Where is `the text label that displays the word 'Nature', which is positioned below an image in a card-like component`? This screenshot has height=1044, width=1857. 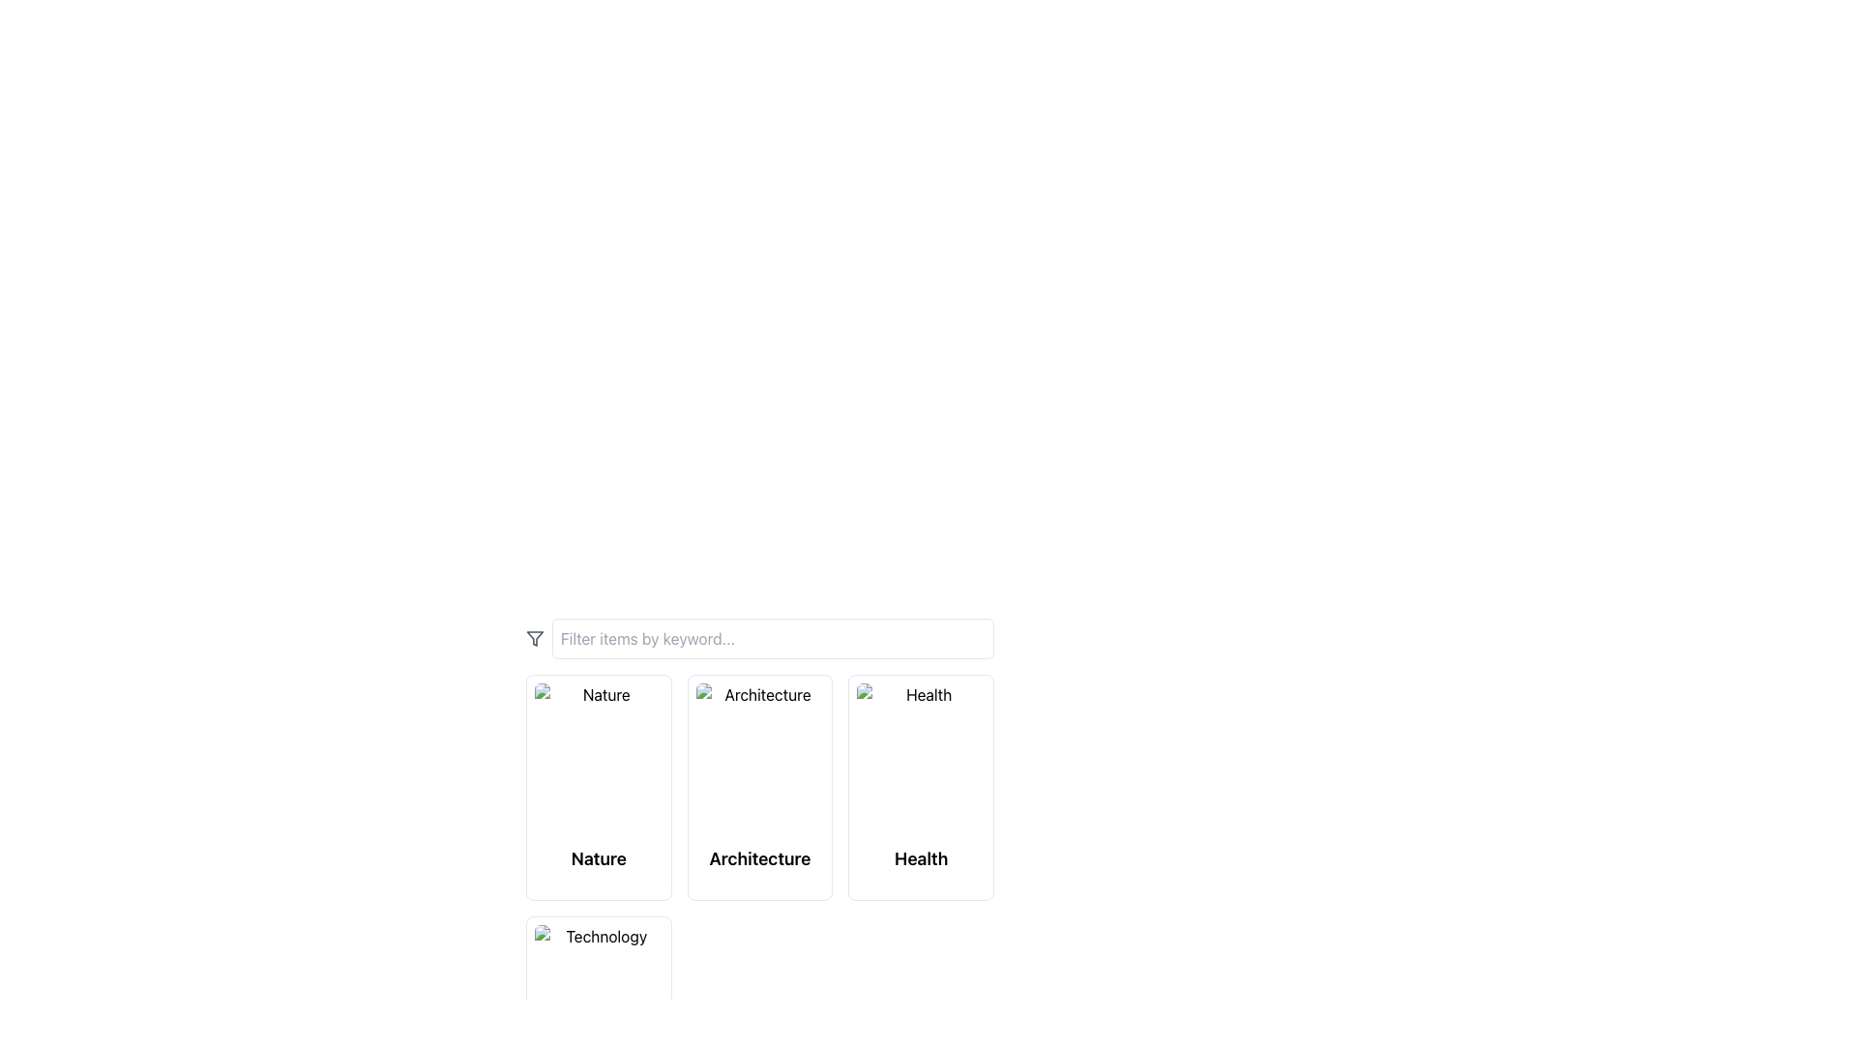
the text label that displays the word 'Nature', which is positioned below an image in a card-like component is located at coordinates (598, 857).